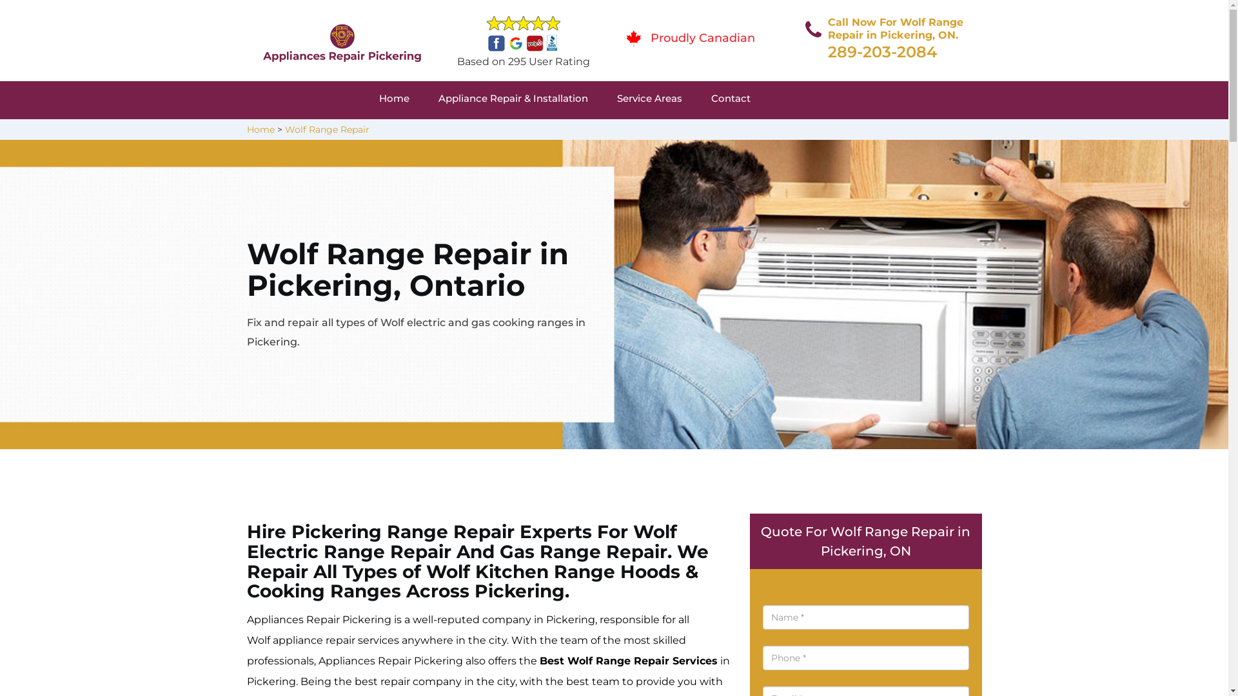 The height and width of the screenshot is (696, 1238). What do you see at coordinates (664, 99) in the screenshot?
I see `'Service Areas'` at bounding box center [664, 99].